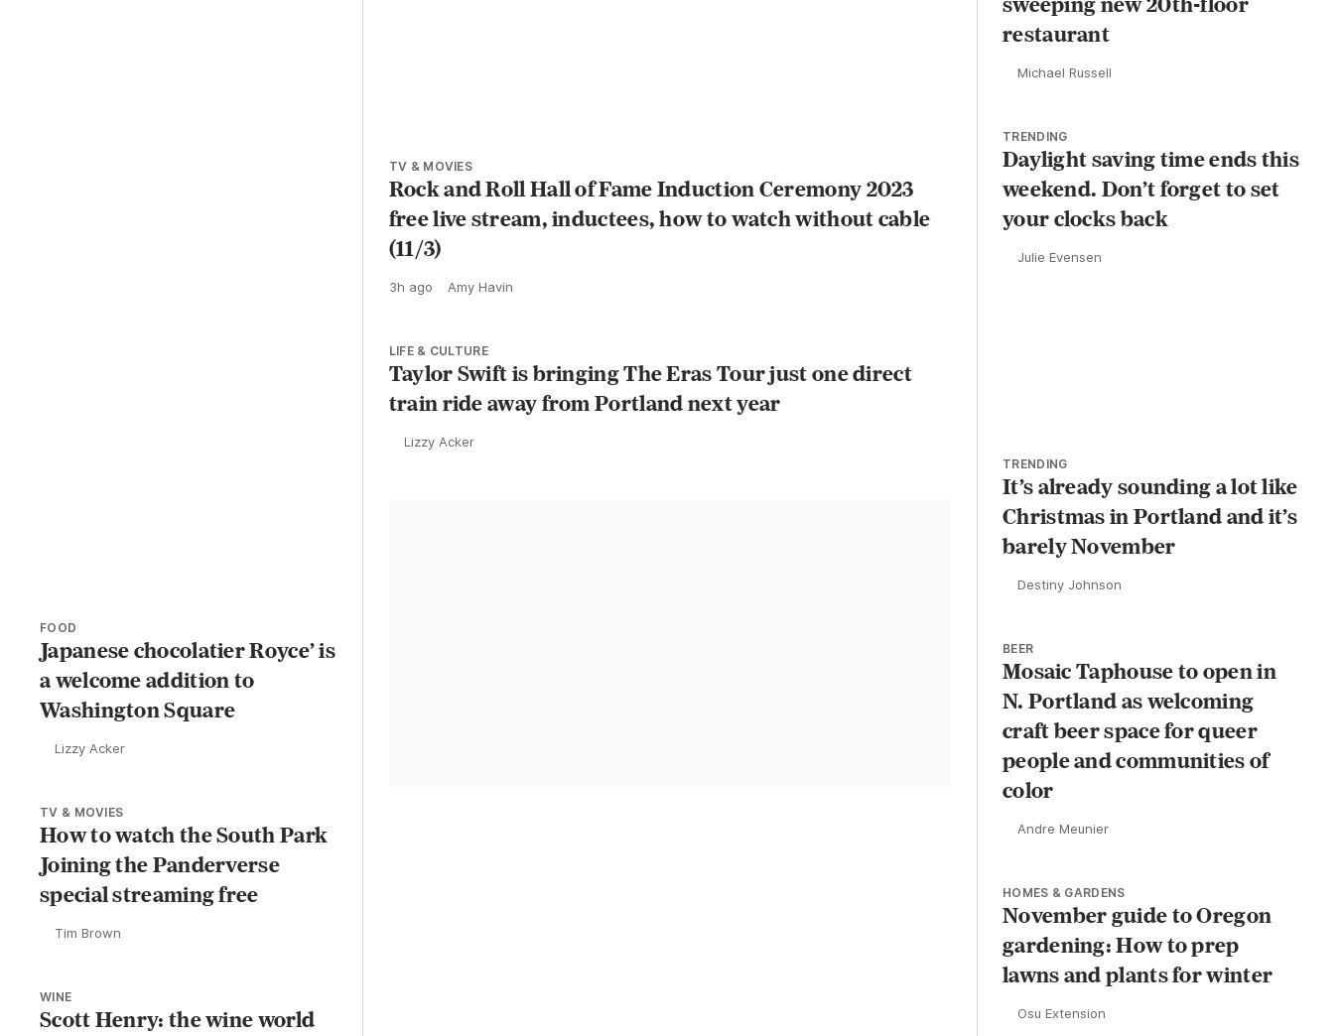 This screenshot has height=1036, width=1340. Describe the element at coordinates (57, 683) in the screenshot. I see `'Food'` at that location.